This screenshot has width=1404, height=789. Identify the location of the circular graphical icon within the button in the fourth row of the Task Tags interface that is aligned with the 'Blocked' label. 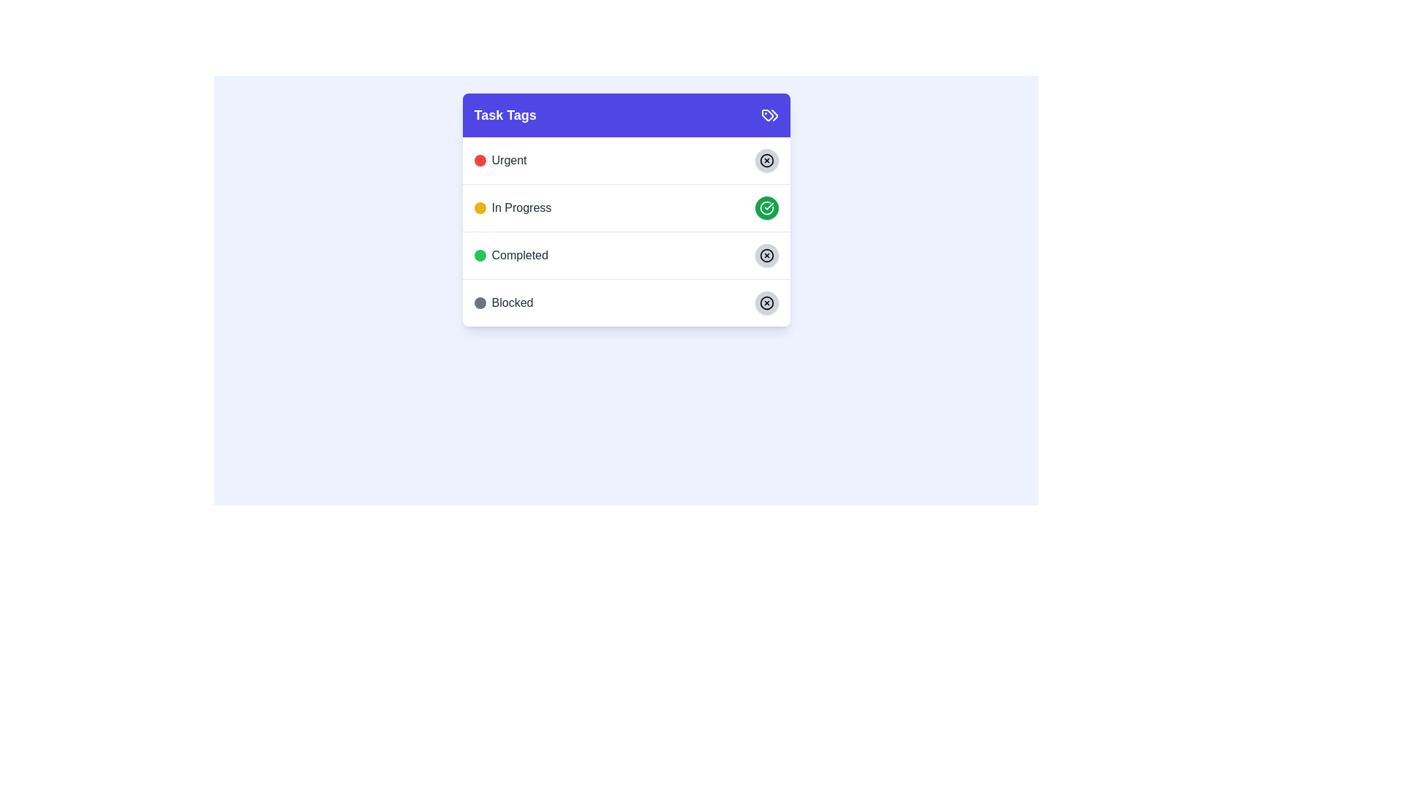
(766, 302).